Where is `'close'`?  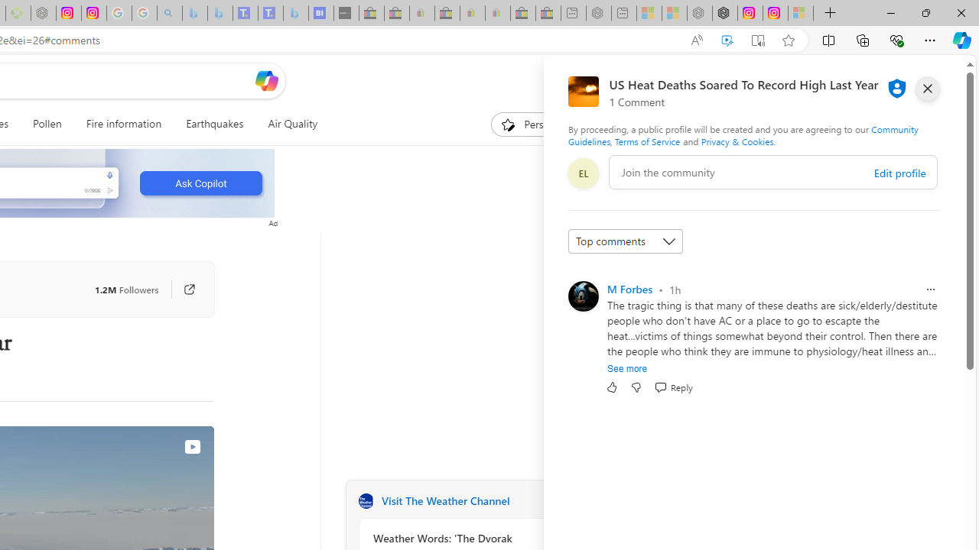 'close' is located at coordinates (926, 88).